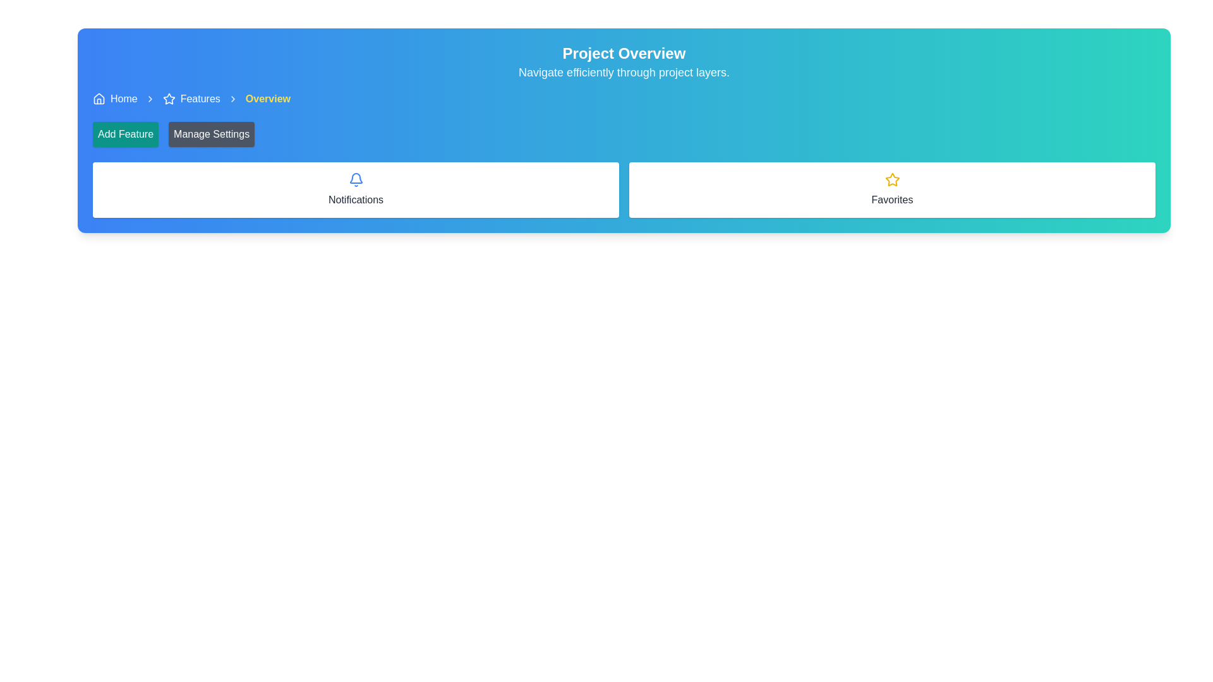  I want to click on the text block that serves as a header for the interface, which provides an overview title and a brief description, located at the top section of the layout with a gradient background, so click(624, 63).